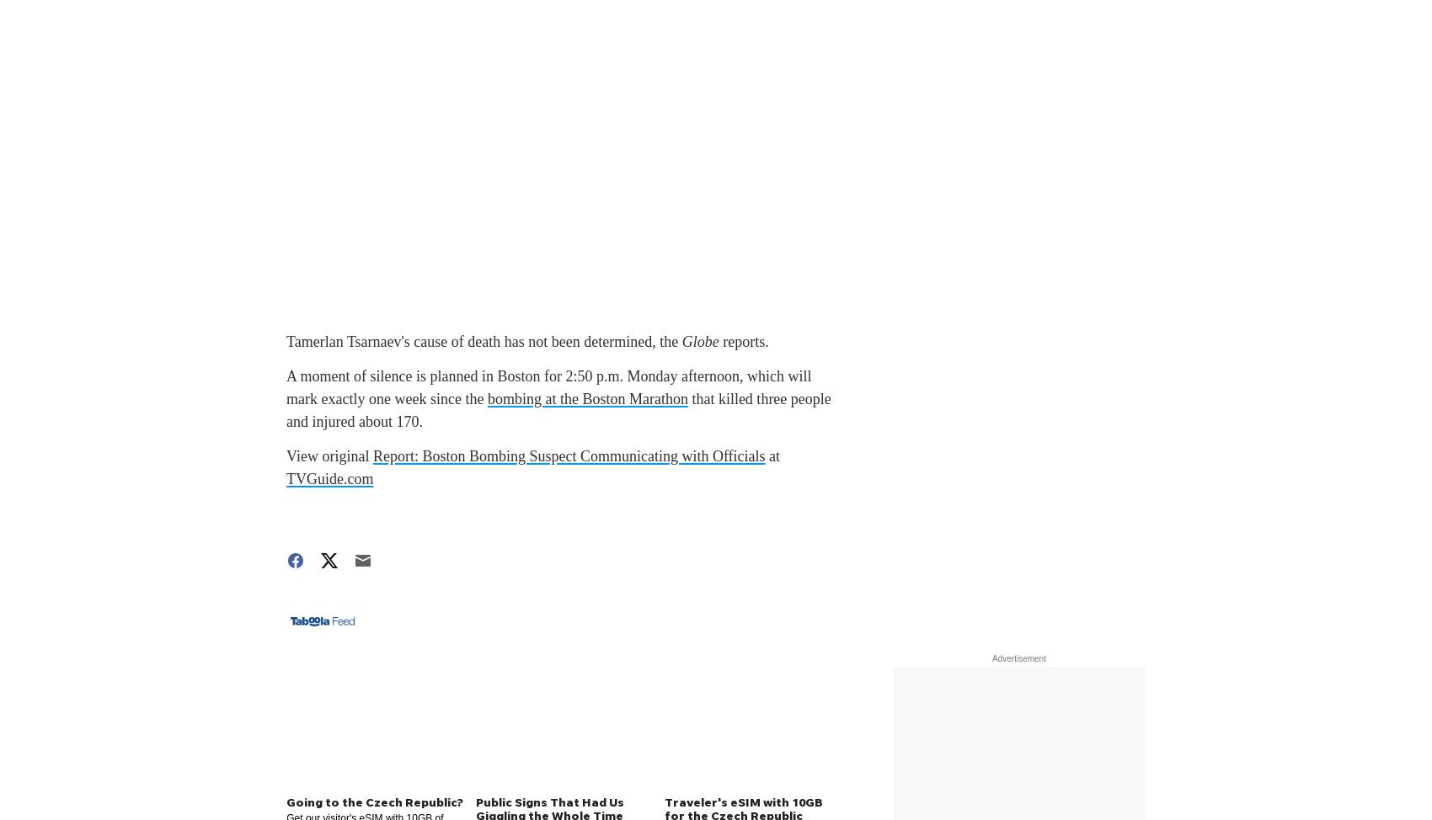 Image resolution: width=1432 pixels, height=820 pixels. I want to click on 'at', so click(772, 456).